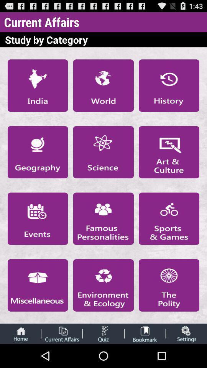  Describe the element at coordinates (103, 85) in the screenshot. I see `category world` at that location.